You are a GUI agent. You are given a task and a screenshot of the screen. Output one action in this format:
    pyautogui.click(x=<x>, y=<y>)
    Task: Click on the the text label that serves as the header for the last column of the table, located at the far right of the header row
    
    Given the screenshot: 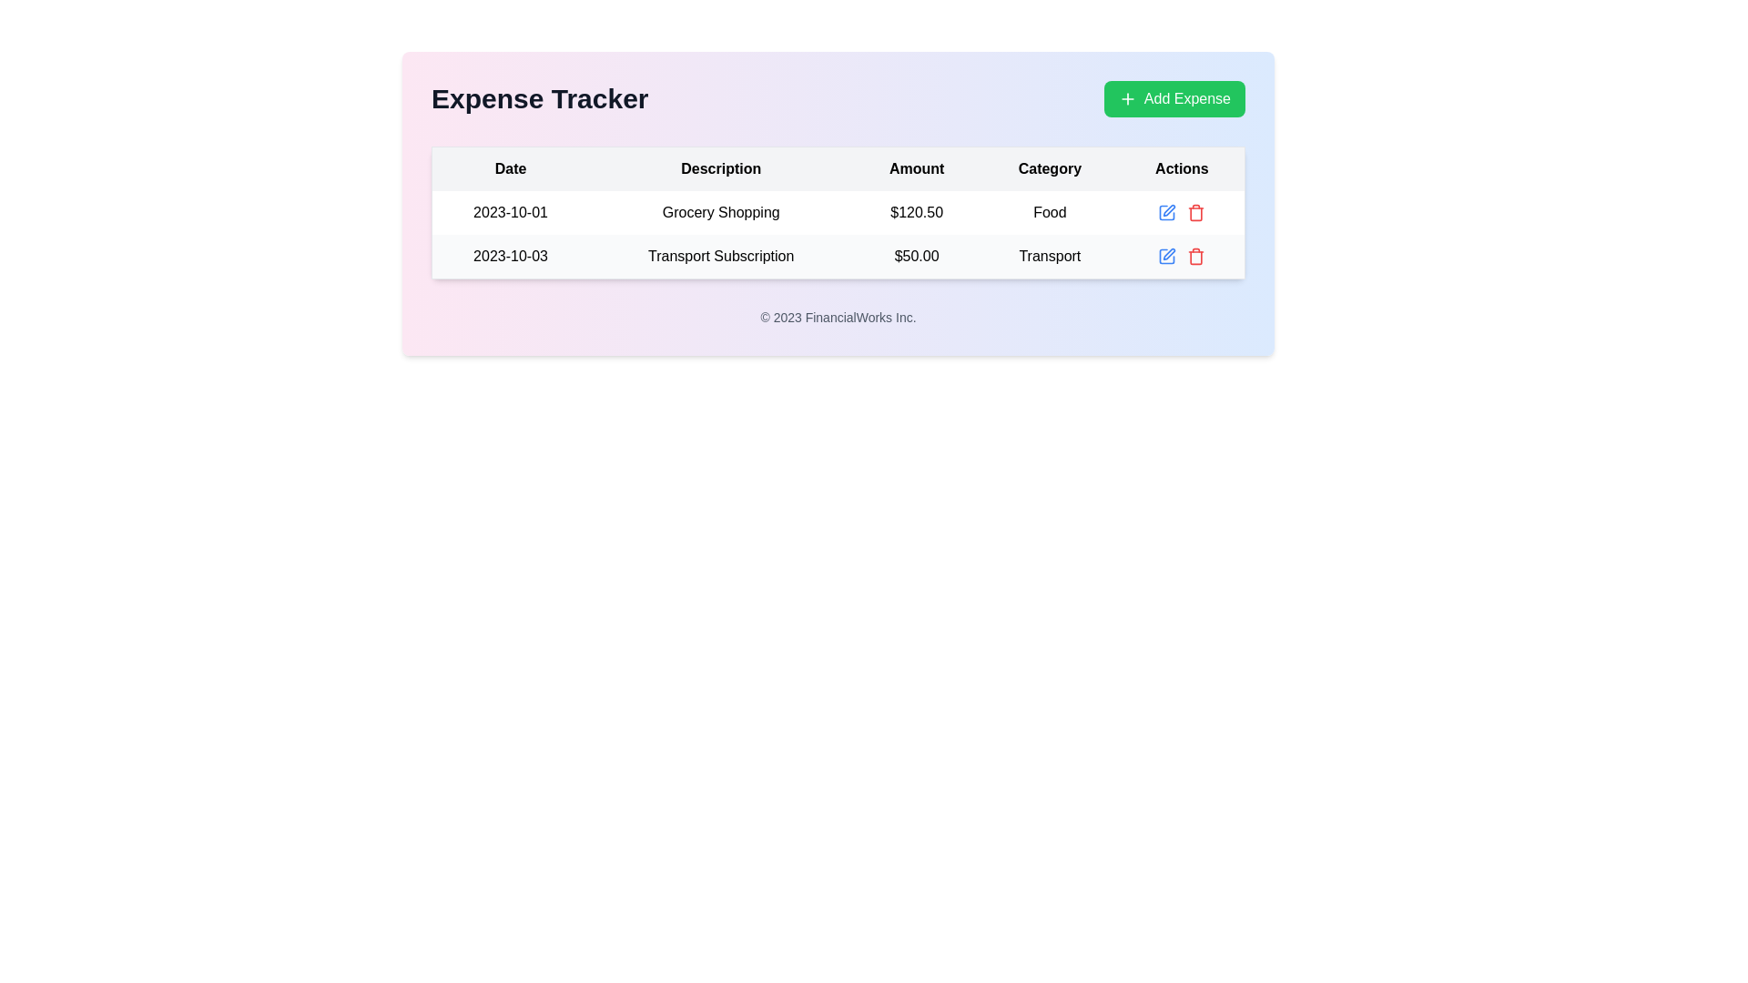 What is the action you would take?
    pyautogui.click(x=1182, y=168)
    